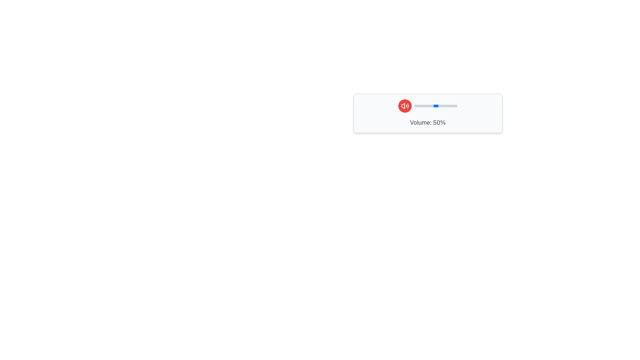 The height and width of the screenshot is (360, 640). Describe the element at coordinates (454, 105) in the screenshot. I see `volume` at that location.